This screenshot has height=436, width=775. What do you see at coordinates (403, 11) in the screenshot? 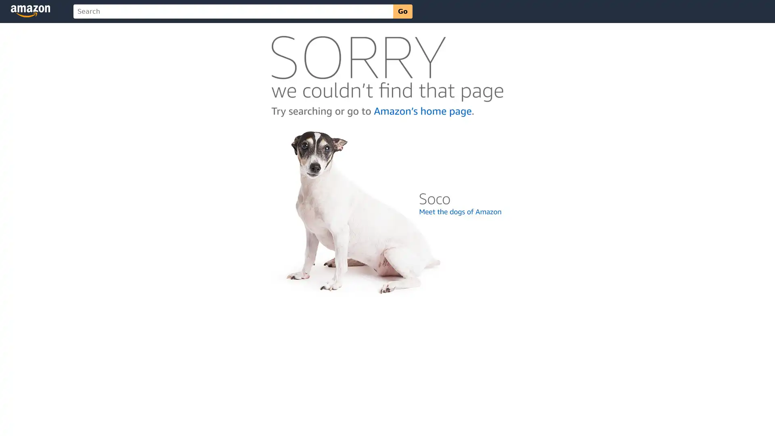
I see `Go` at bounding box center [403, 11].